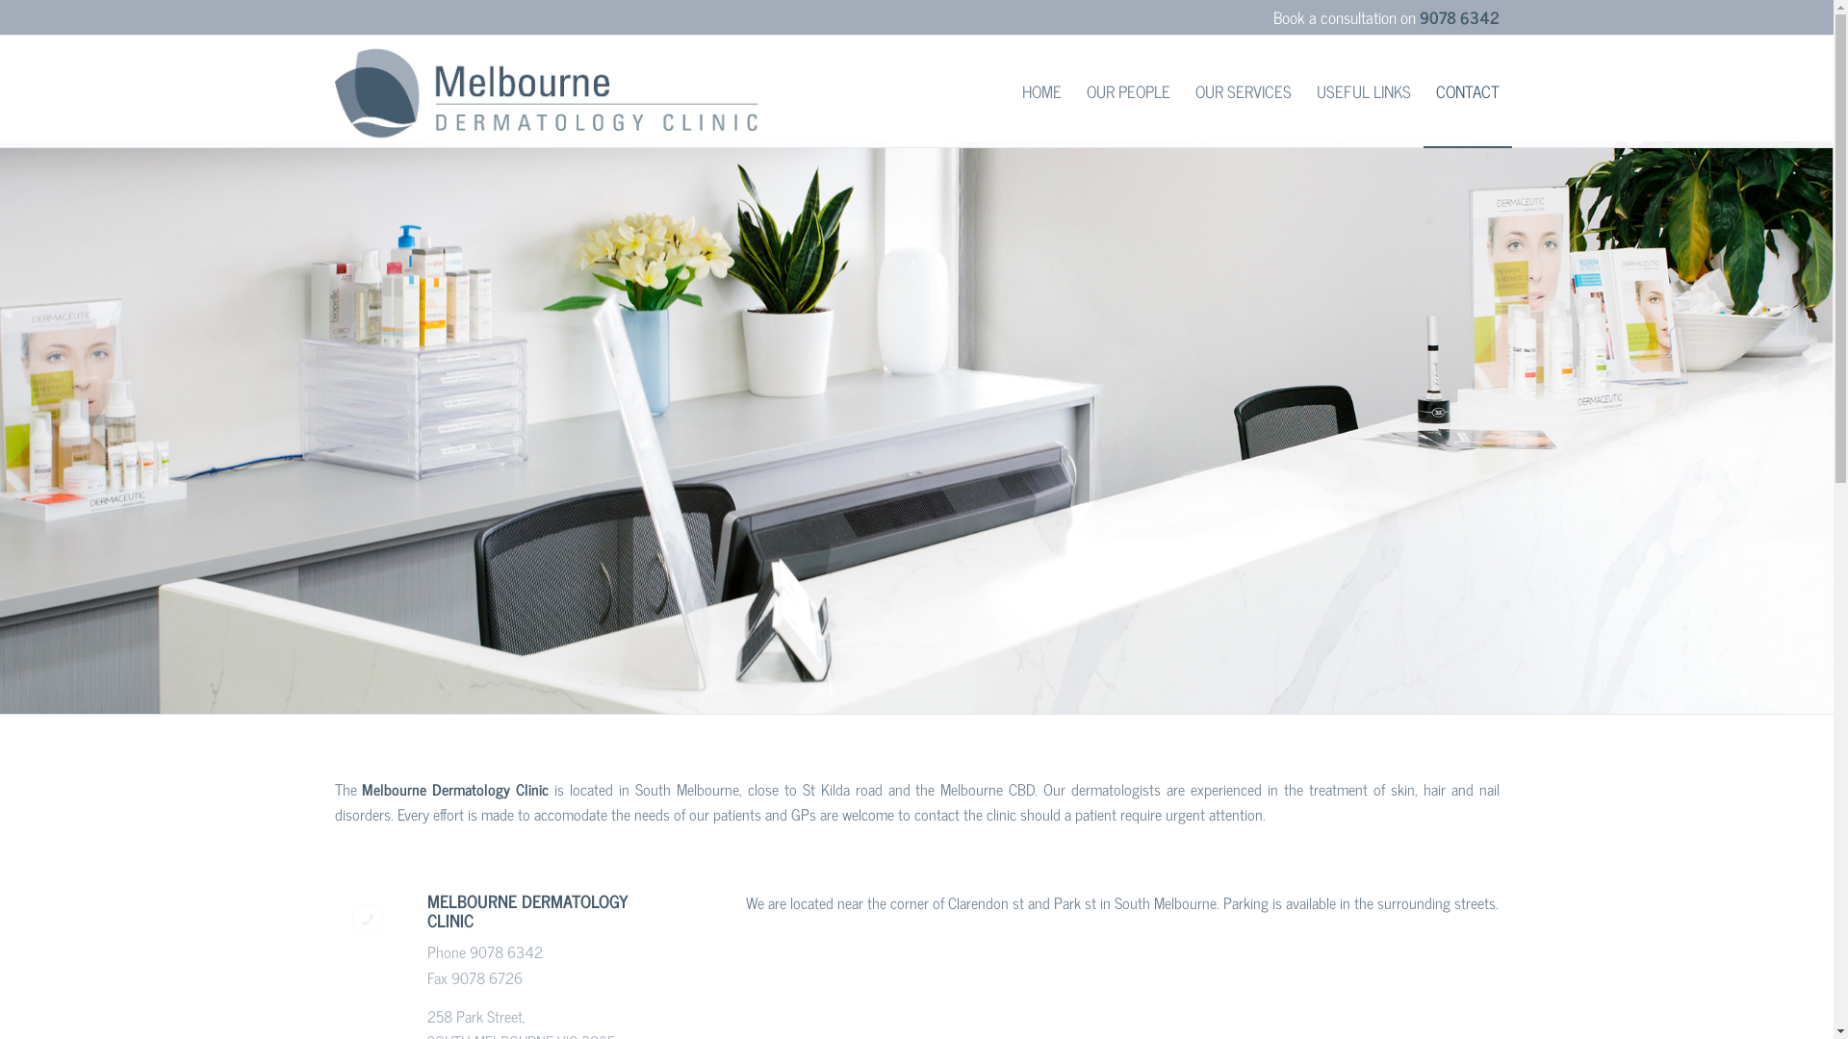  Describe the element at coordinates (1039, 91) in the screenshot. I see `'HOME'` at that location.